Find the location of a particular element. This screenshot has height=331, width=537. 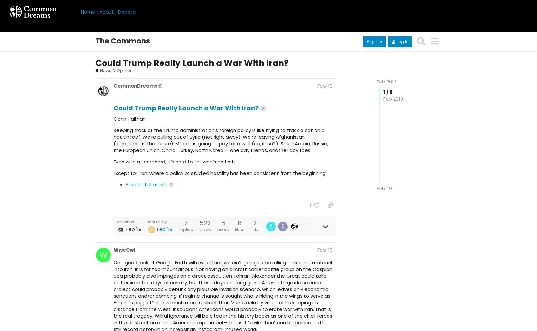

'users' is located at coordinates (223, 229).